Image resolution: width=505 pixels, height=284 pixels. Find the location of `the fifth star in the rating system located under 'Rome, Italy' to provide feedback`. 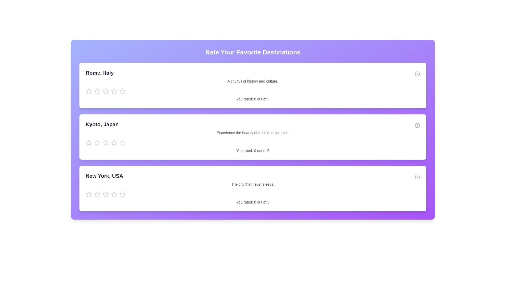

the fifth star in the rating system located under 'Rome, Italy' to provide feedback is located at coordinates (122, 91).